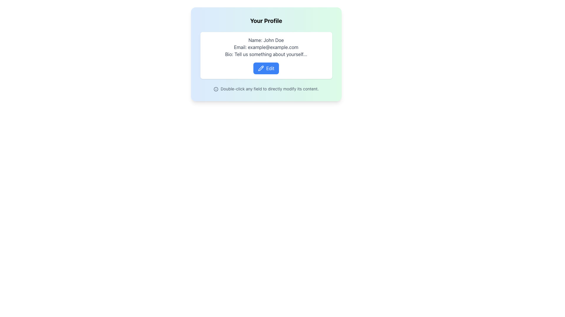  What do you see at coordinates (260, 68) in the screenshot?
I see `the editing icon located inside the 'Edit' button to initiate the editing mode for profile information` at bounding box center [260, 68].